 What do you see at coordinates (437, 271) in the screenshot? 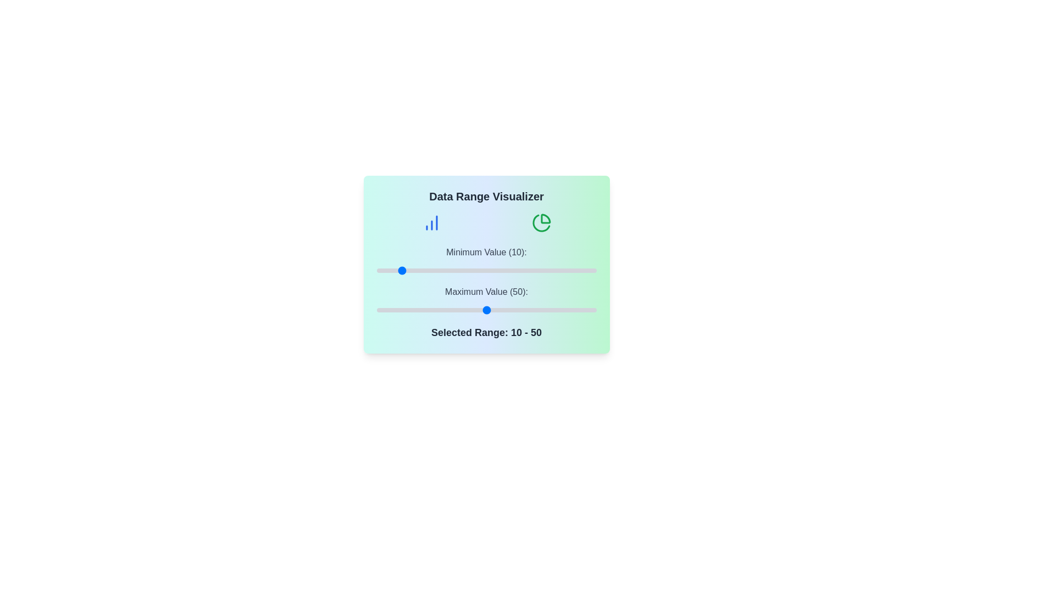
I see `the minimum value slider to 28` at bounding box center [437, 271].